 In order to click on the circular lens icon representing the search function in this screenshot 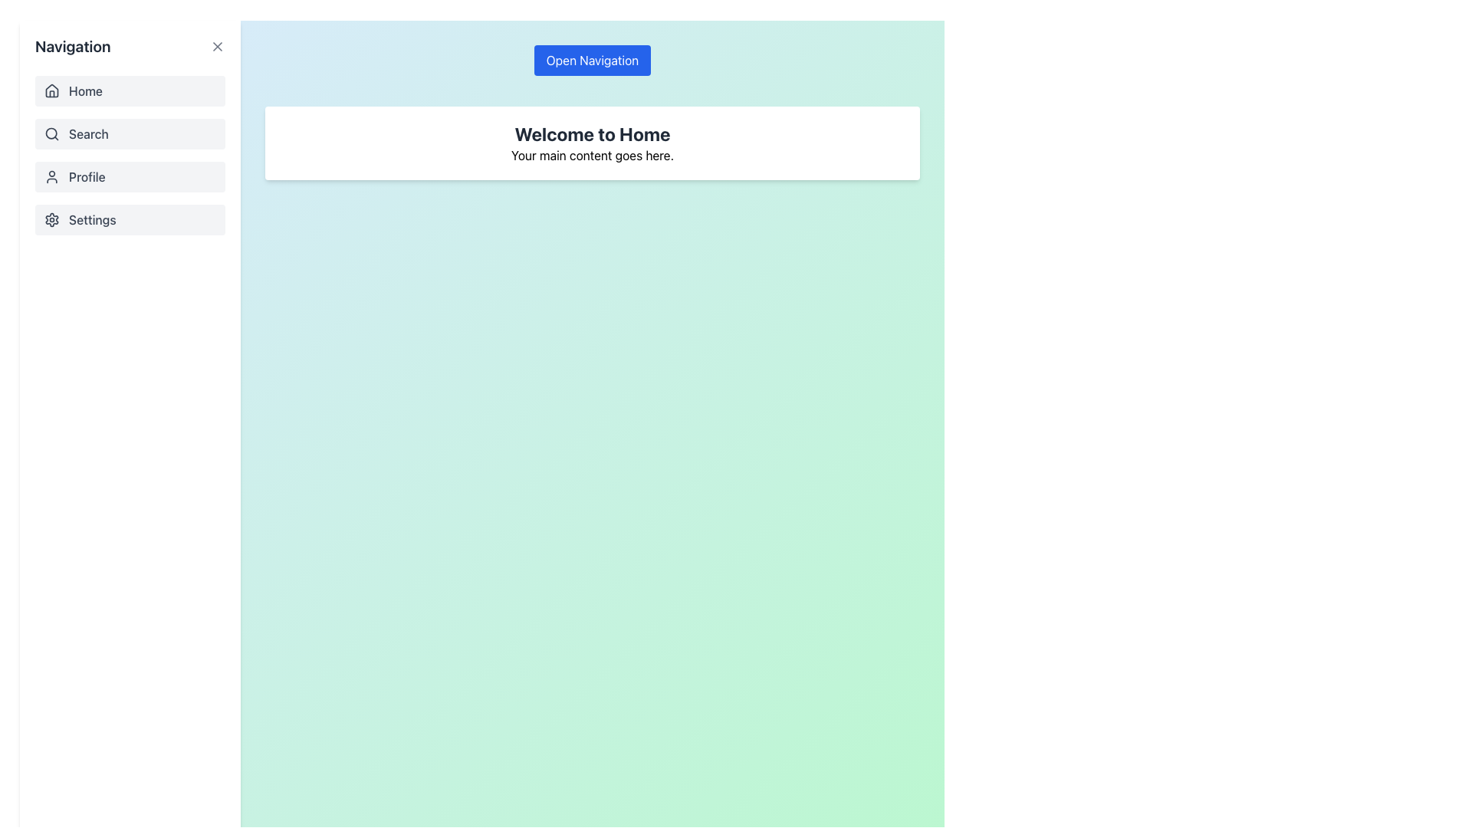, I will do `click(51, 133)`.